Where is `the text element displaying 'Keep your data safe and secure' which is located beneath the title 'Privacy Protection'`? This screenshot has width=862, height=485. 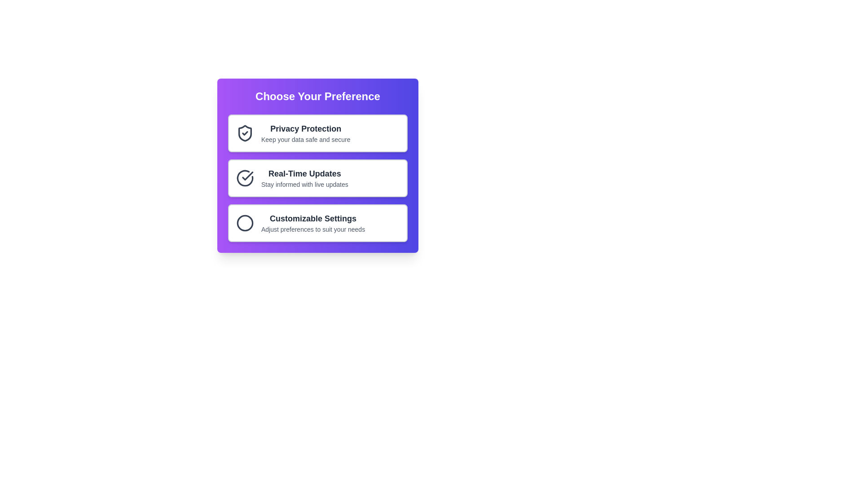 the text element displaying 'Keep your data safe and secure' which is located beneath the title 'Privacy Protection' is located at coordinates (306, 140).